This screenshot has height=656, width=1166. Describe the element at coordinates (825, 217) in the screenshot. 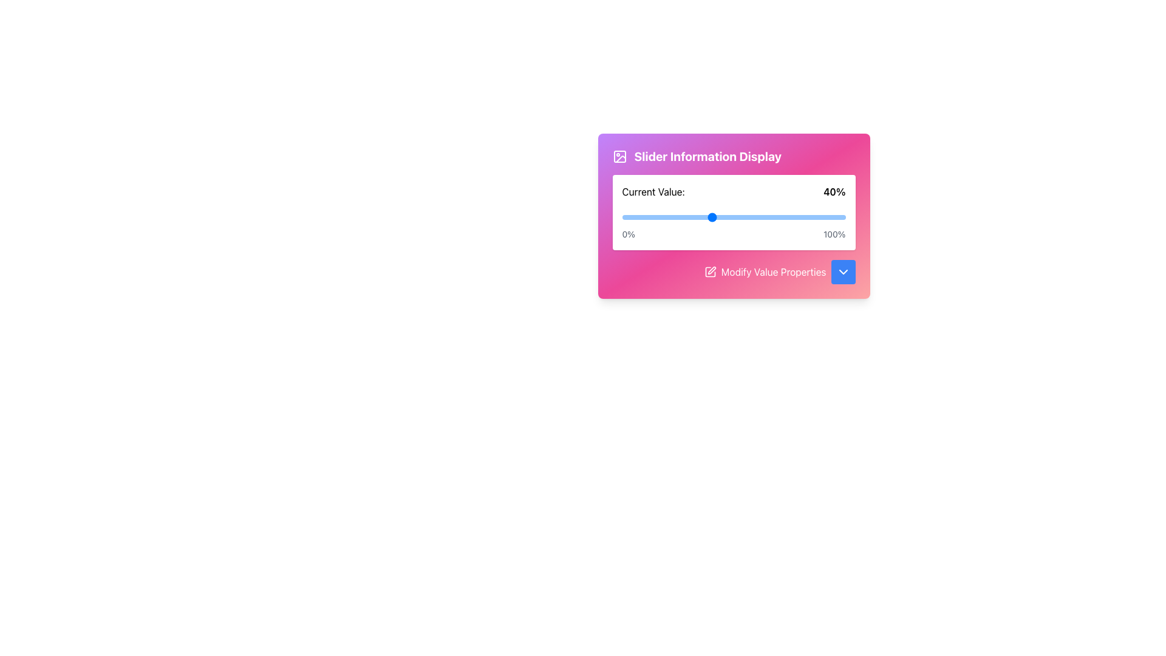

I see `the slider value` at that location.